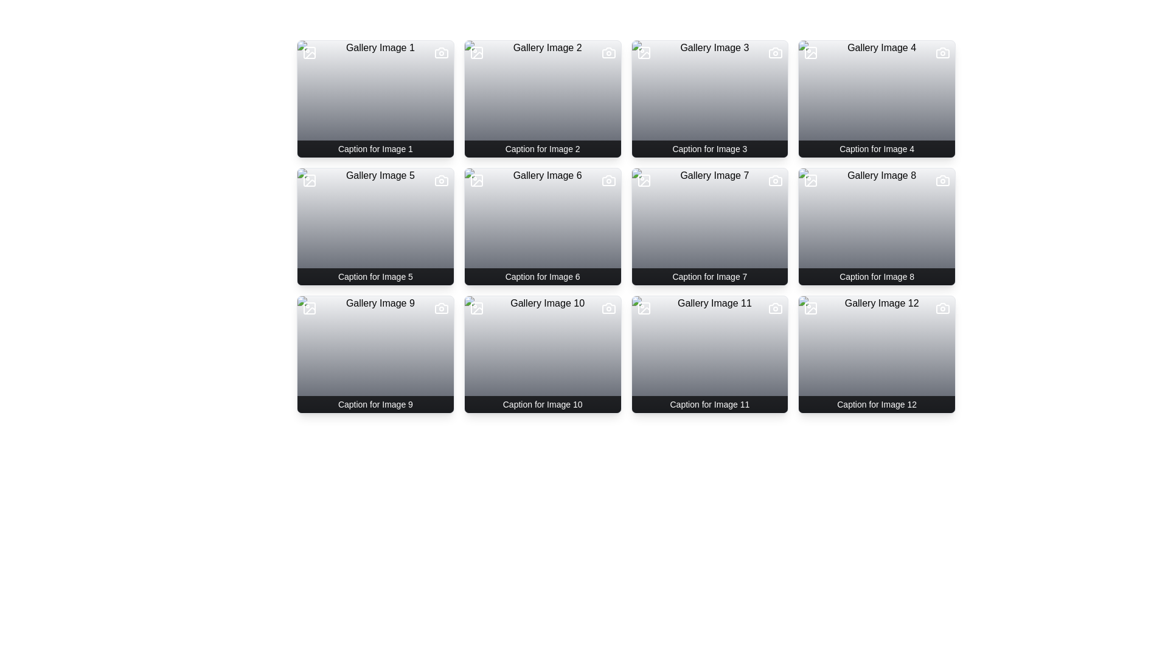  Describe the element at coordinates (375, 98) in the screenshot. I see `the Card element containing an image and caption located at the top-left corner of the grid` at that location.